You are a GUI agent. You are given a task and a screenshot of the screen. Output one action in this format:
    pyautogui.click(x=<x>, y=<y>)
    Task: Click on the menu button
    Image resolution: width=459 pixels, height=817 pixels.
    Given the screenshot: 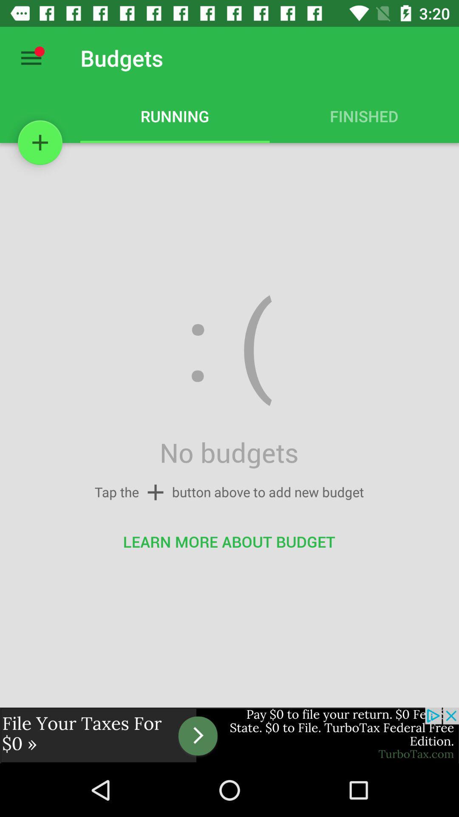 What is the action you would take?
    pyautogui.click(x=31, y=57)
    